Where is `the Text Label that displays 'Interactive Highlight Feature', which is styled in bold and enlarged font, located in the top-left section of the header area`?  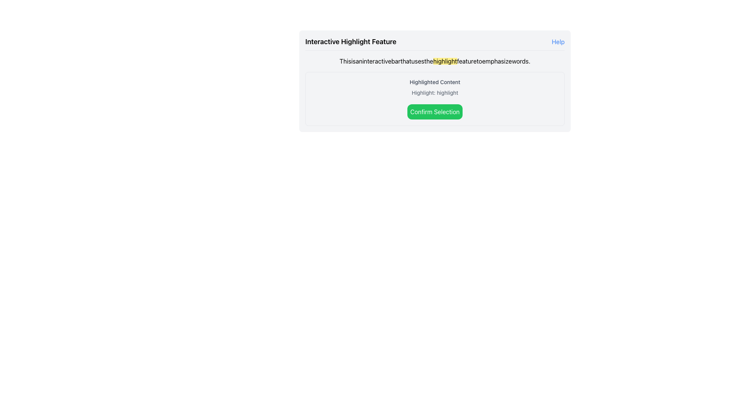 the Text Label that displays 'Interactive Highlight Feature', which is styled in bold and enlarged font, located in the top-left section of the header area is located at coordinates (350, 42).